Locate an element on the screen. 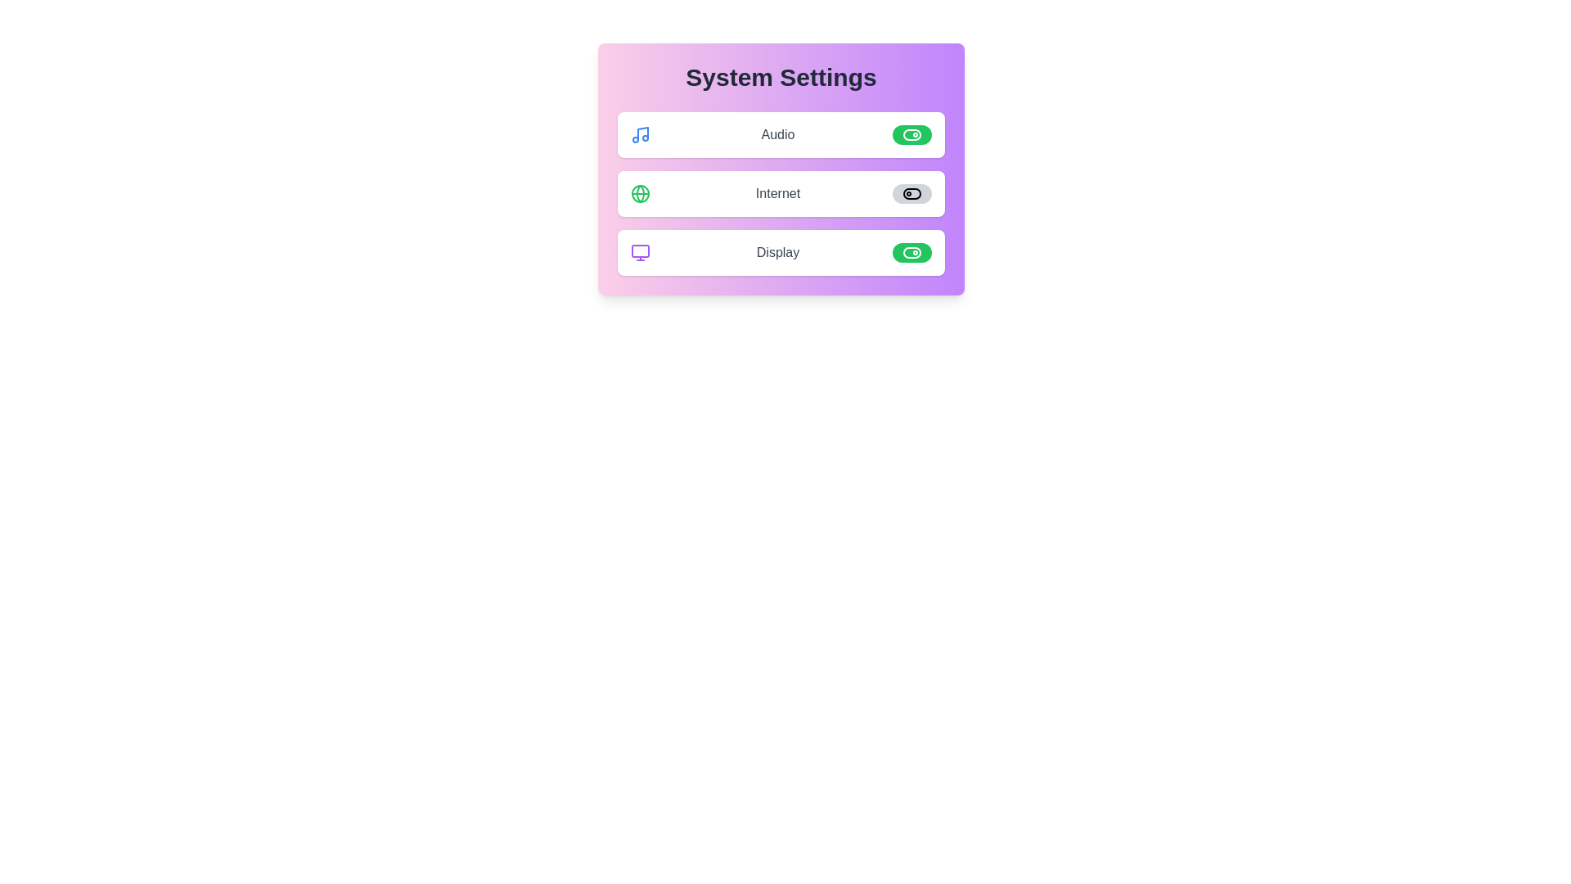  the toggle switch at the right end of the 'Display' row in the 'System Settings' card is located at coordinates (911, 252).